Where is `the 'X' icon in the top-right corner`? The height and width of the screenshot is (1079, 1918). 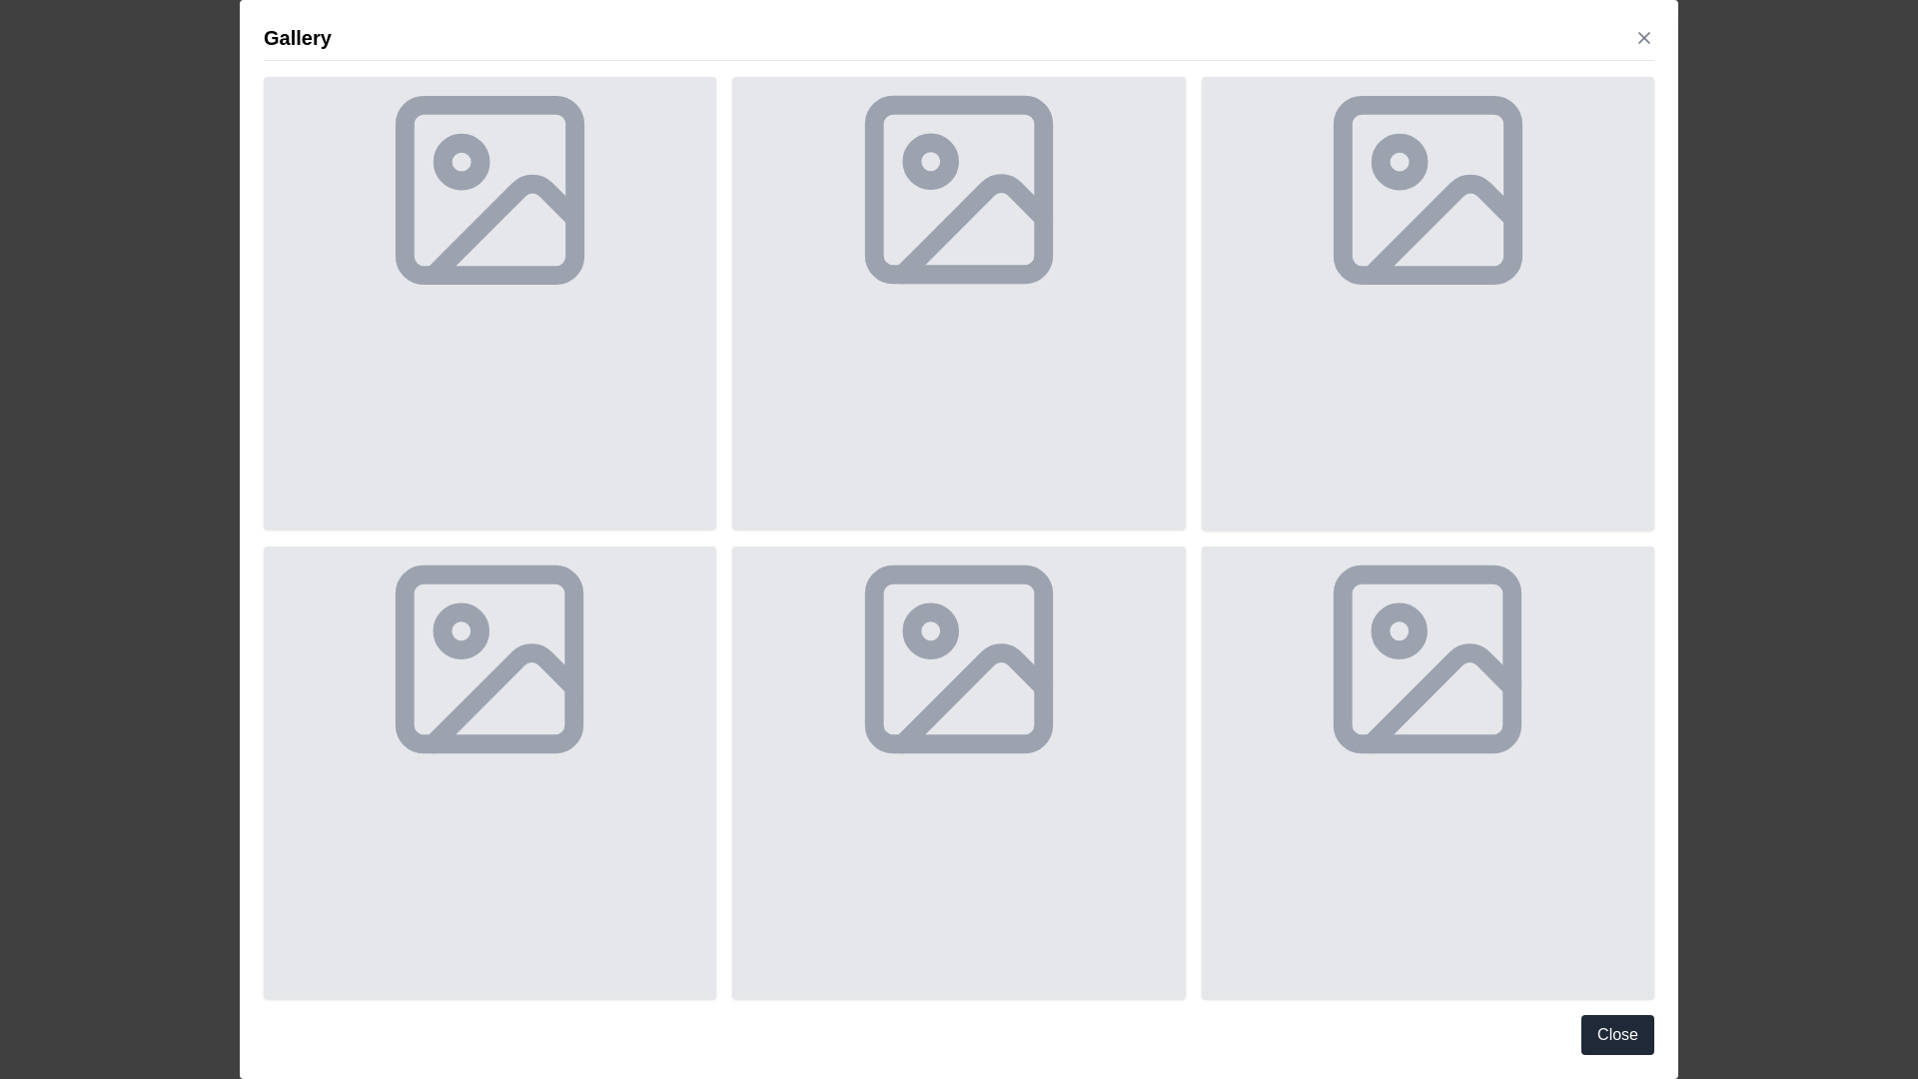
the 'X' icon in the top-right corner is located at coordinates (1644, 38).